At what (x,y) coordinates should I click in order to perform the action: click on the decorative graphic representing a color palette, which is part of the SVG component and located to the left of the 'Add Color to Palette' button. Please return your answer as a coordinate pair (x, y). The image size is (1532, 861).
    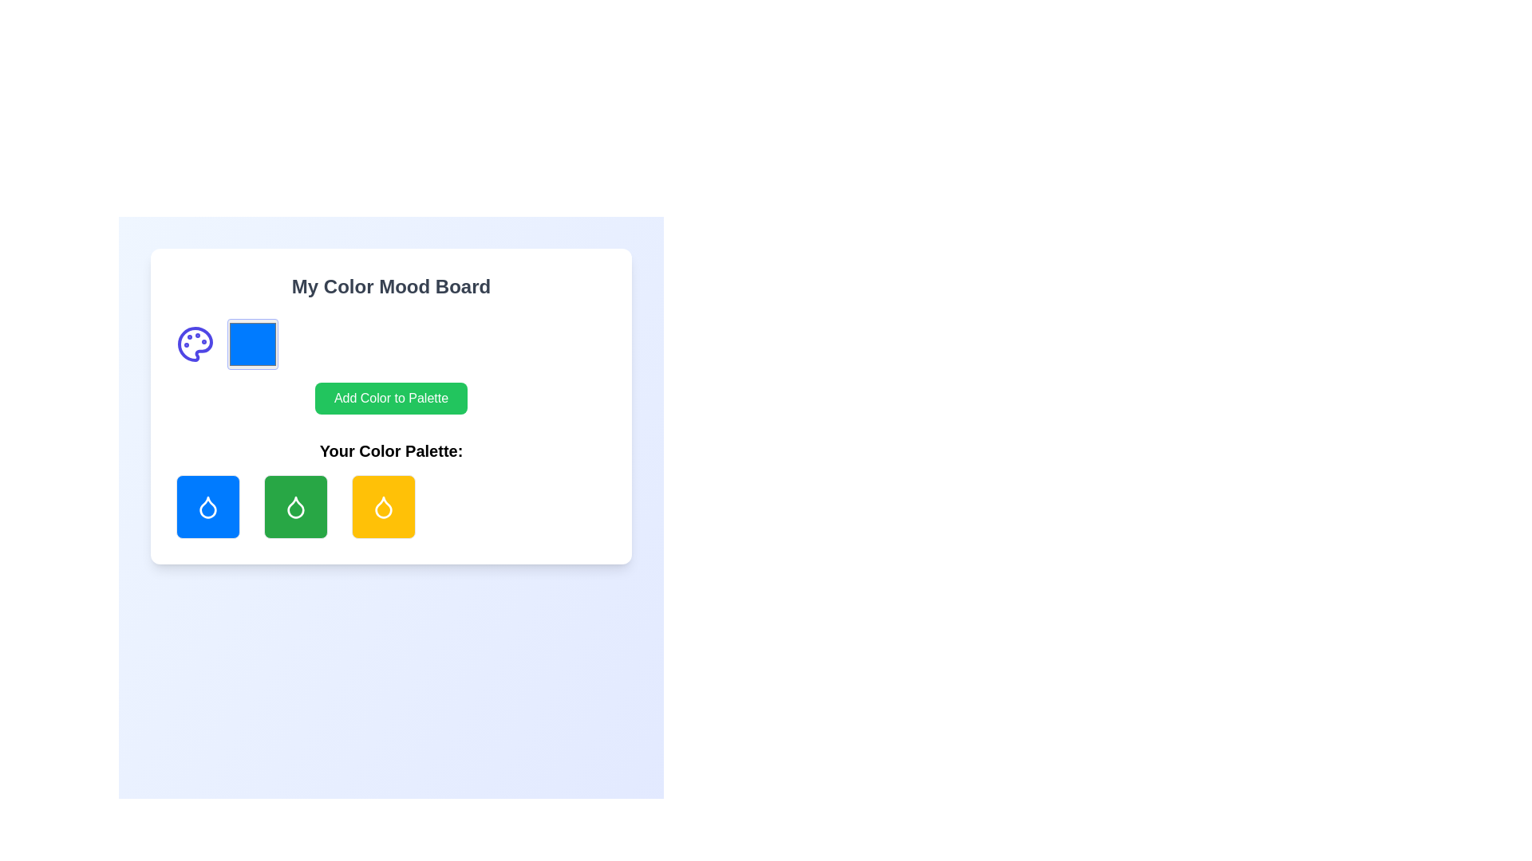
    Looking at the image, I should click on (194, 344).